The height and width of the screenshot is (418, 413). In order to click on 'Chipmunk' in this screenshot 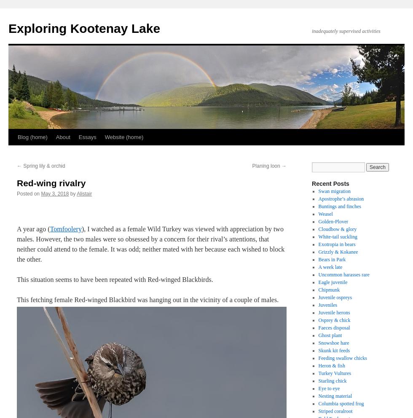, I will do `click(329, 289)`.